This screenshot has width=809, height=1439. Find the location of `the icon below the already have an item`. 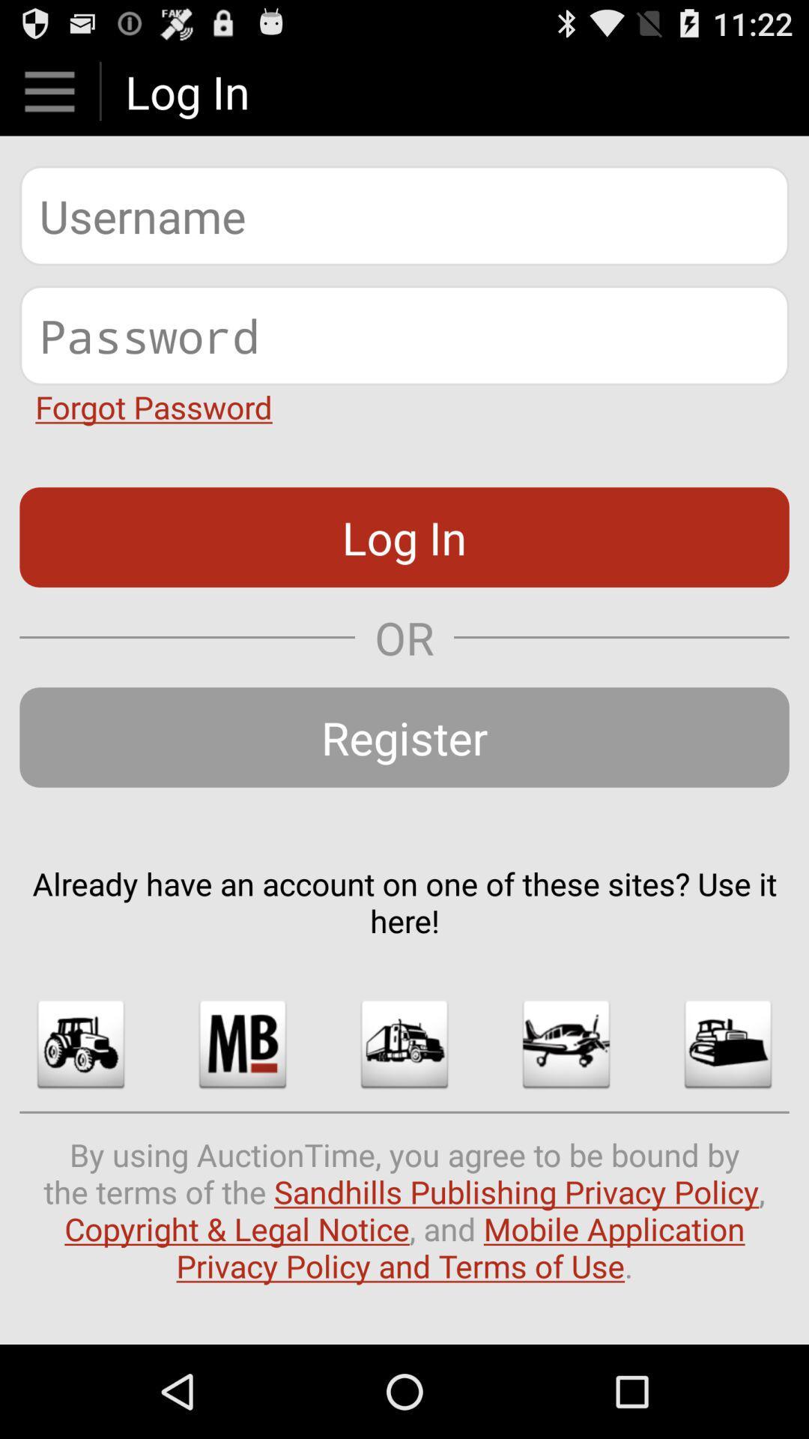

the icon below the already have an item is located at coordinates (566, 1043).